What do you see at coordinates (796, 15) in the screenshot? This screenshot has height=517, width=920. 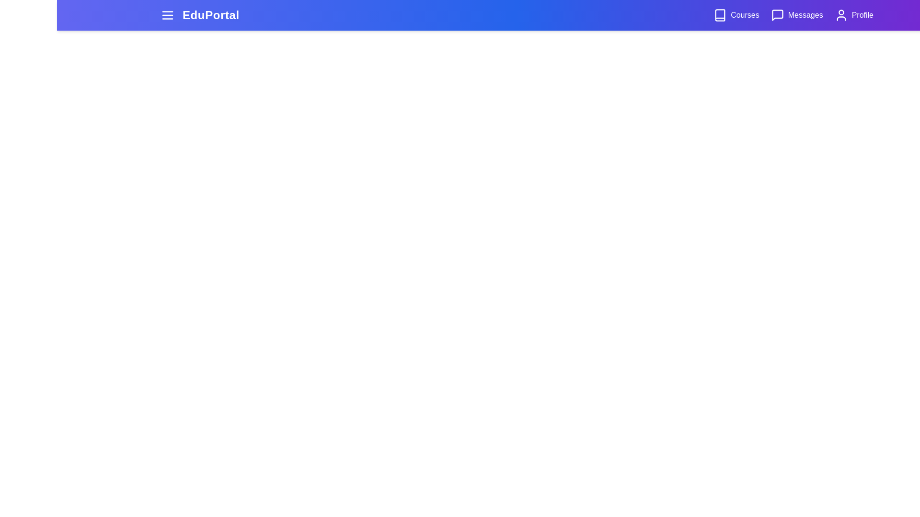 I see `the 'Messages' button in the navigation bar` at bounding box center [796, 15].